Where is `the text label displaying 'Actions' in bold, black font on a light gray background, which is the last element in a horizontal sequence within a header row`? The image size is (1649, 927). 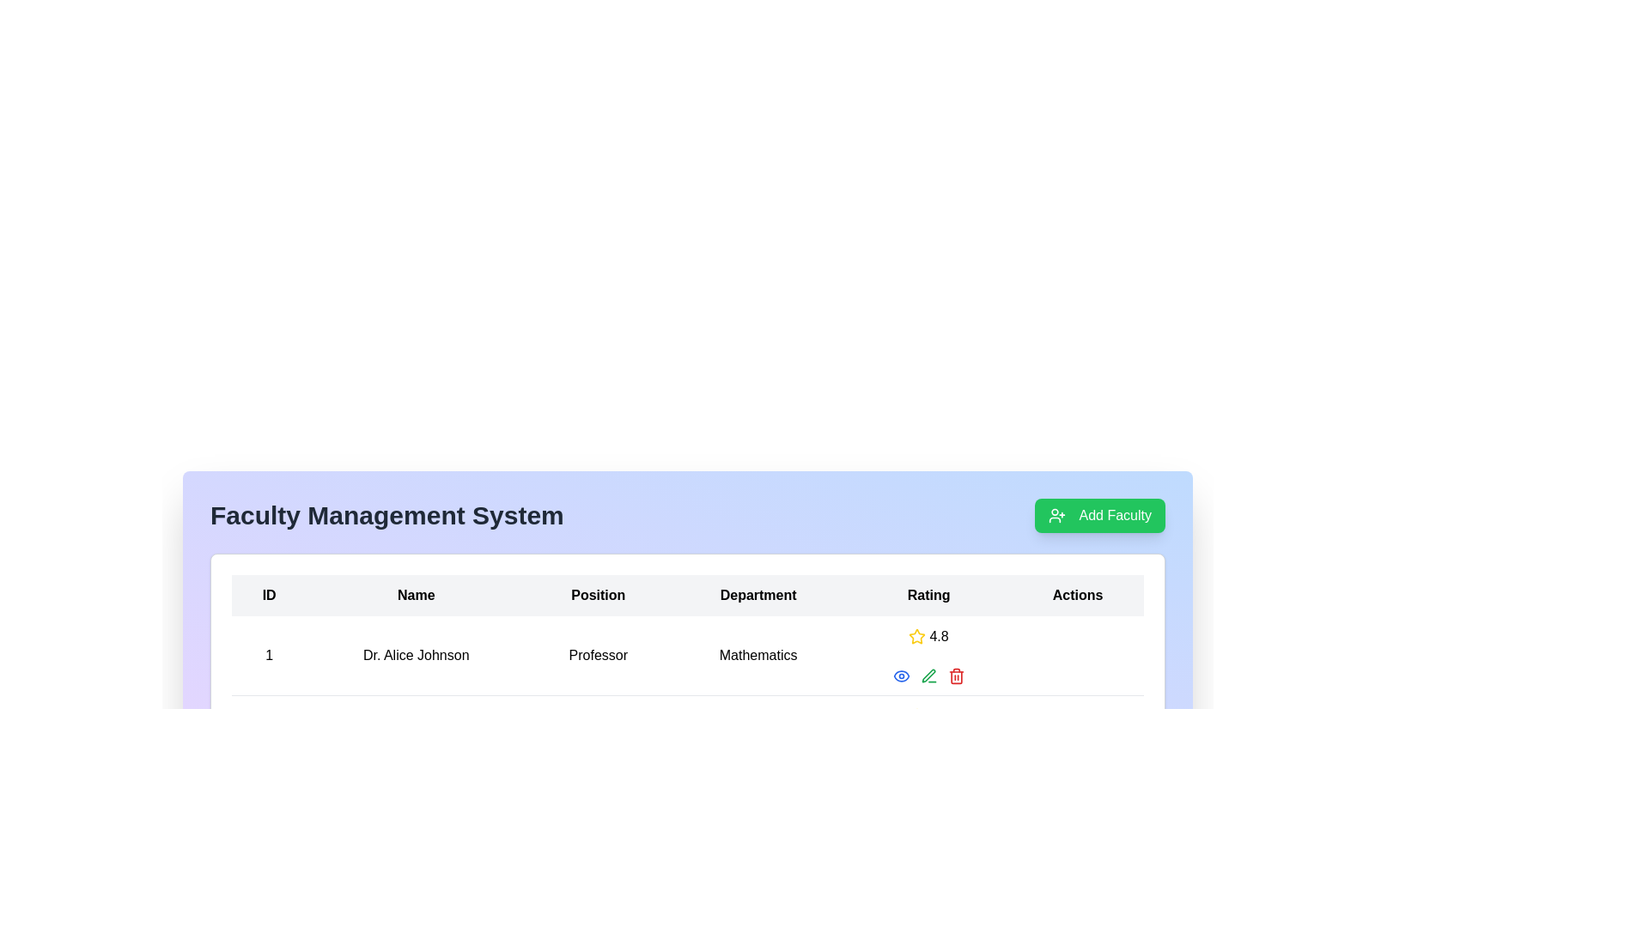 the text label displaying 'Actions' in bold, black font on a light gray background, which is the last element in a horizontal sequence within a header row is located at coordinates (1077, 595).